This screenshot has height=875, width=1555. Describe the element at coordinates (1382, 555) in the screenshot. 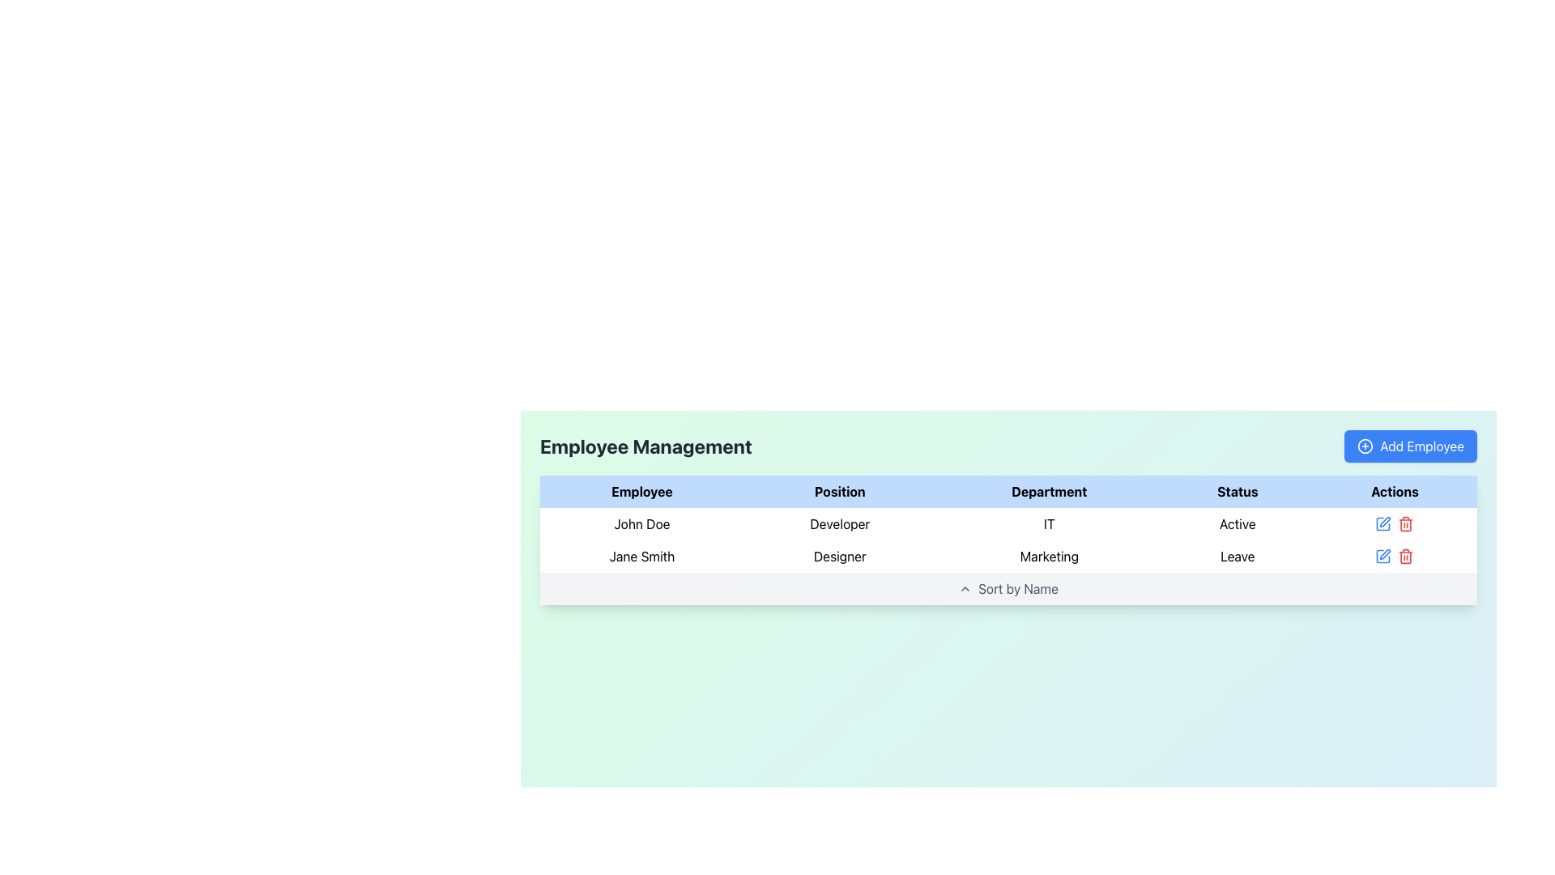

I see `the blue-colored edit icon in the Actions column of the second row to change its color to a darker shade of blue` at that location.